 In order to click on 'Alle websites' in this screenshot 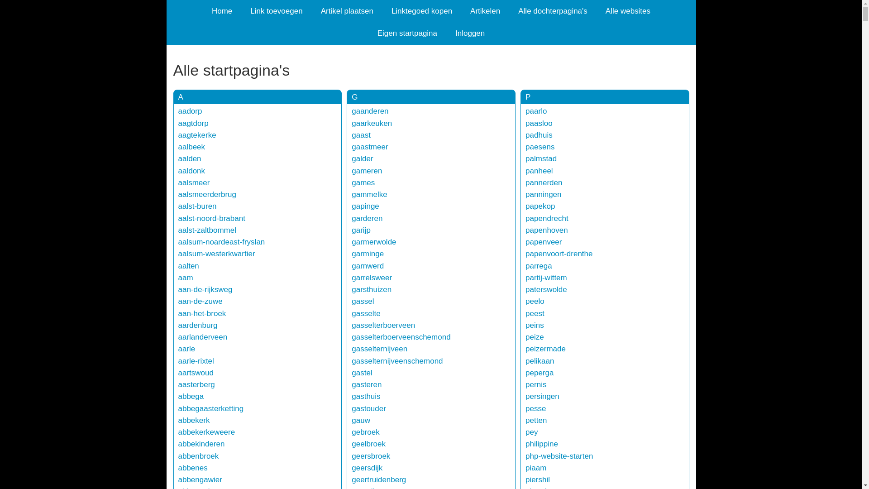, I will do `click(627, 11)`.